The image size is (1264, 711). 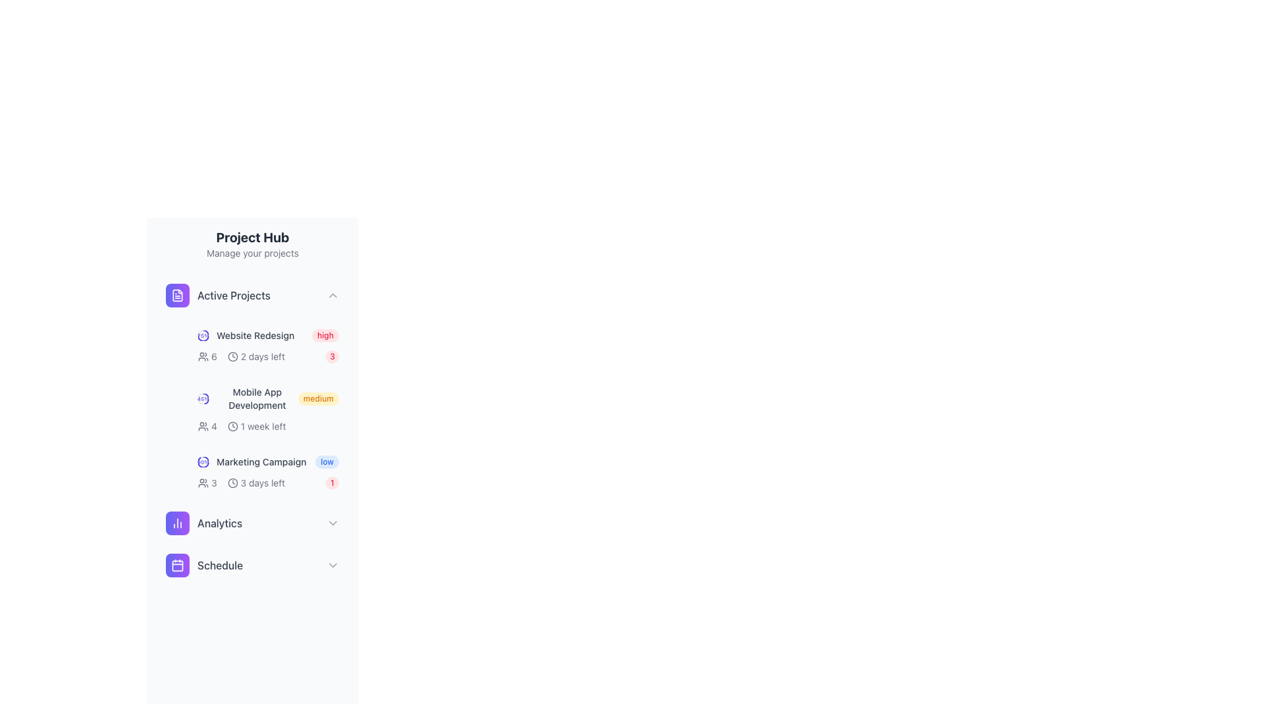 I want to click on the central rectangle of the calendar icon located under the 'Schedule' text label in the vertical navigation menu, so click(x=176, y=565).